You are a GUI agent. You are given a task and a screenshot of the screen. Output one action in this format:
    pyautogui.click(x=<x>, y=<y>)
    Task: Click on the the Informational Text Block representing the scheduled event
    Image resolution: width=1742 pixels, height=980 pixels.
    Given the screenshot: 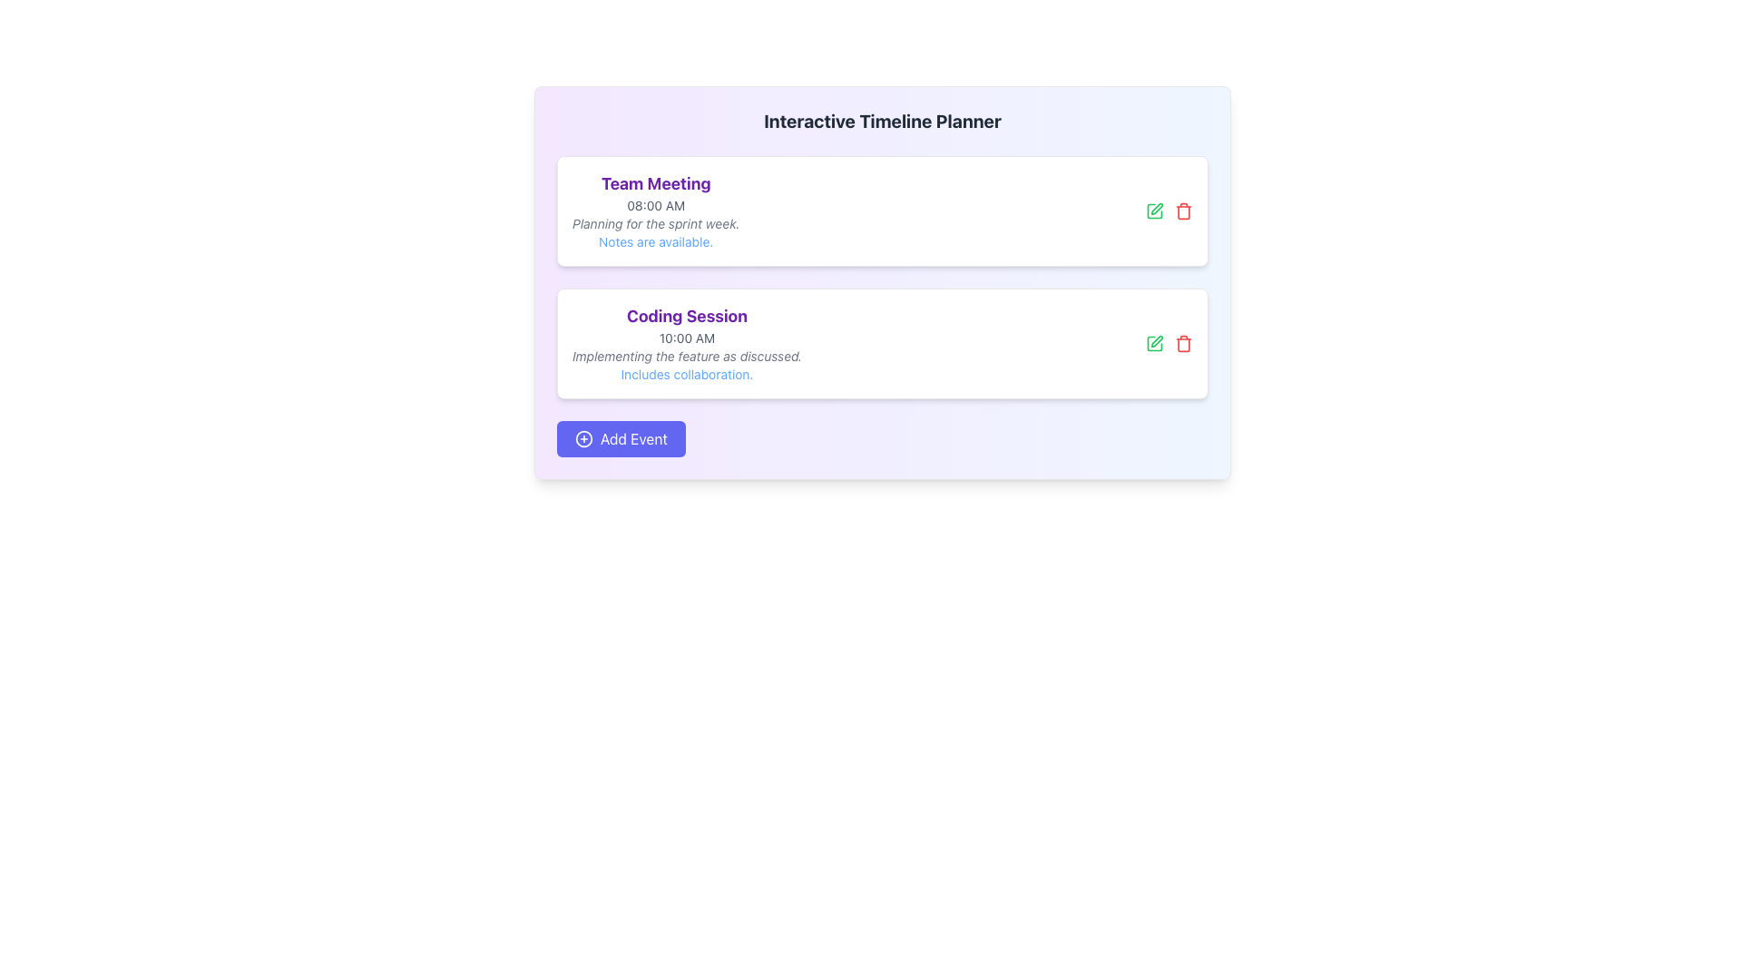 What is the action you would take?
    pyautogui.click(x=655, y=210)
    